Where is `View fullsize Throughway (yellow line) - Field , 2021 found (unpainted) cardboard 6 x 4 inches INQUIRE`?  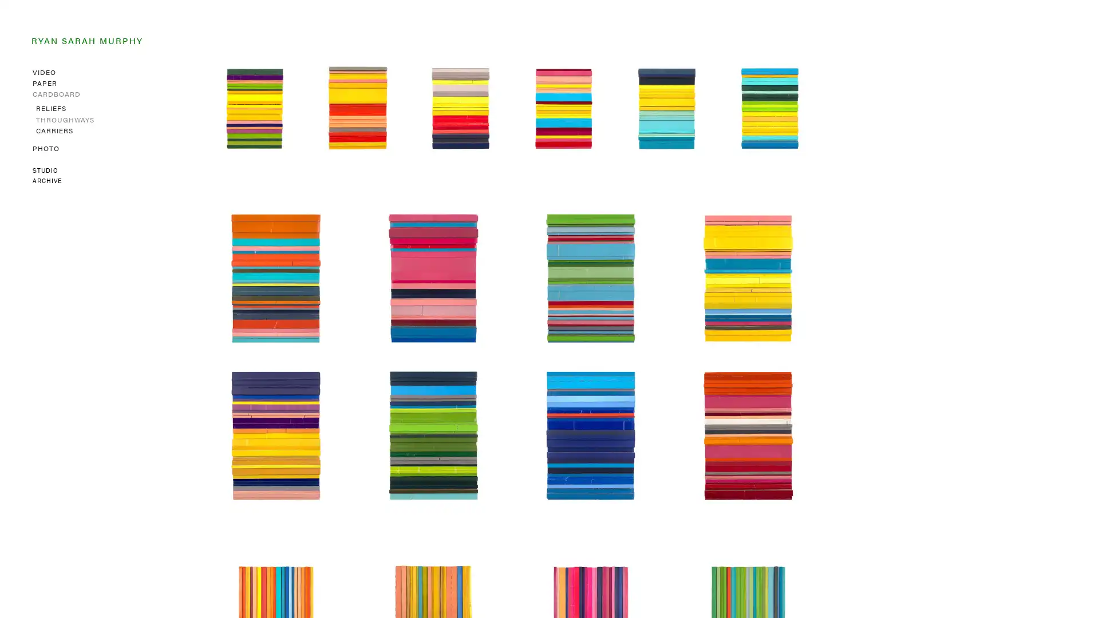 View fullsize Throughway (yellow line) - Field , 2021 found (unpainted) cardboard 6 x 4 inches INQUIRE is located at coordinates (769, 108).